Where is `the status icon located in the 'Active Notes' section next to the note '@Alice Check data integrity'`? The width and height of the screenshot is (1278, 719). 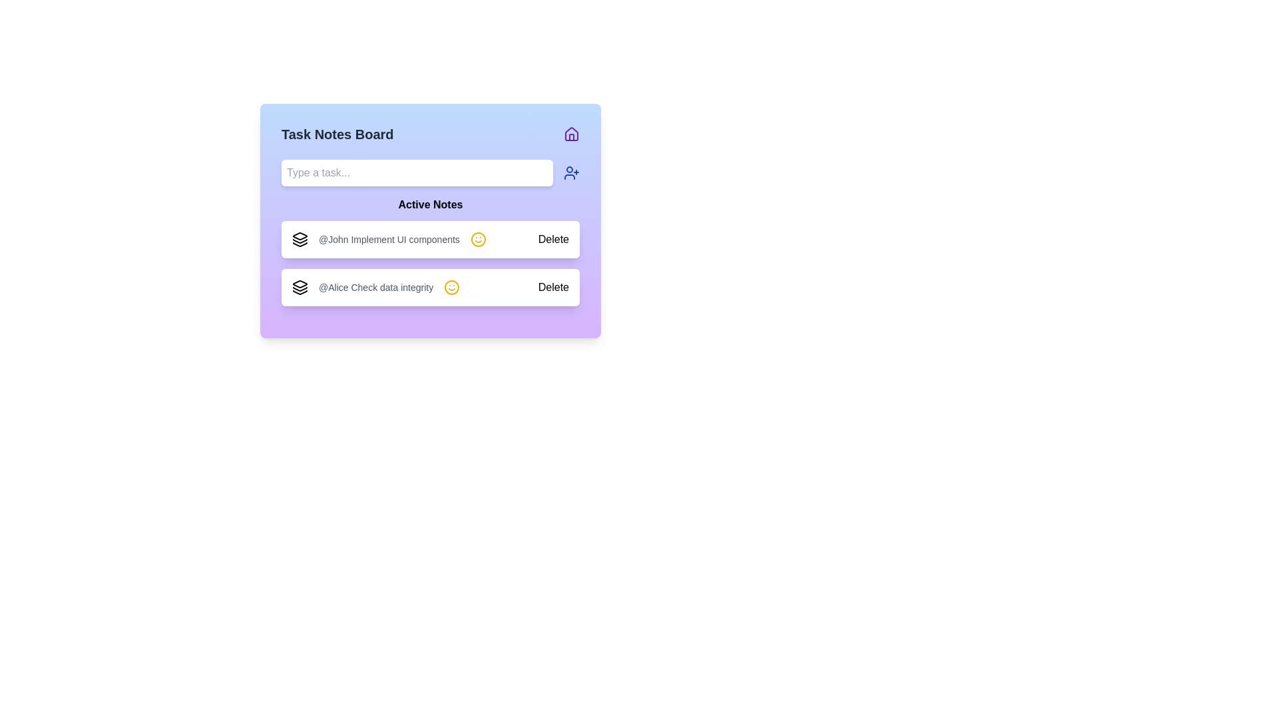 the status icon located in the 'Active Notes' section next to the note '@Alice Check data integrity' is located at coordinates (452, 287).